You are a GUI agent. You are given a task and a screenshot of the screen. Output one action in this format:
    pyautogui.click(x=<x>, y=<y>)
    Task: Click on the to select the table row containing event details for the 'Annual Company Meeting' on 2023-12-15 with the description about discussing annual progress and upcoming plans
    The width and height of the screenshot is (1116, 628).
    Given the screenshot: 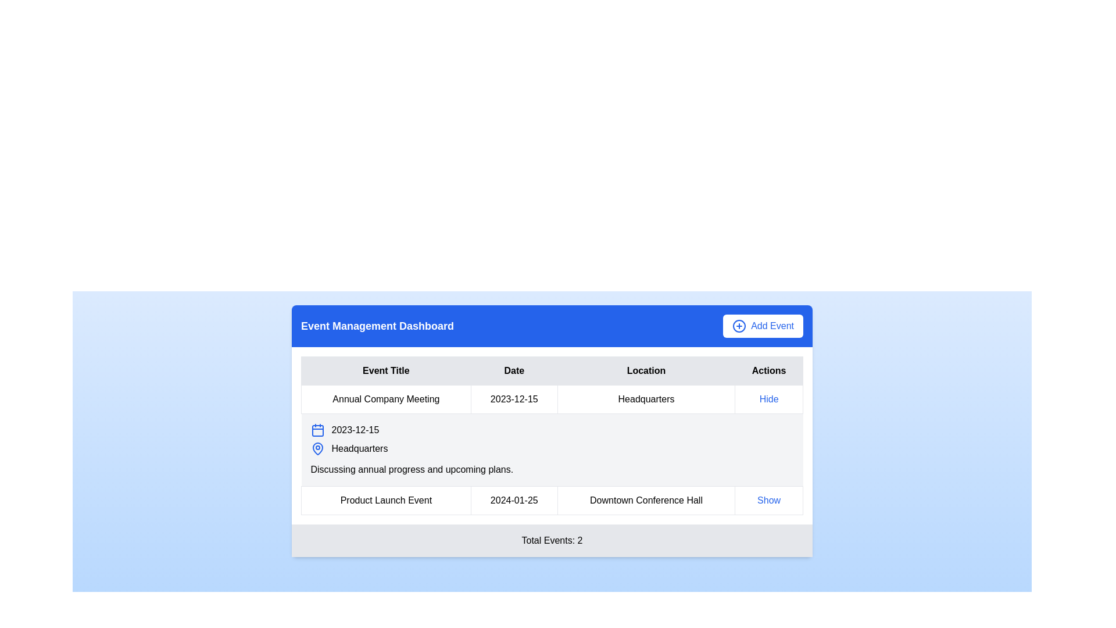 What is the action you would take?
    pyautogui.click(x=552, y=449)
    